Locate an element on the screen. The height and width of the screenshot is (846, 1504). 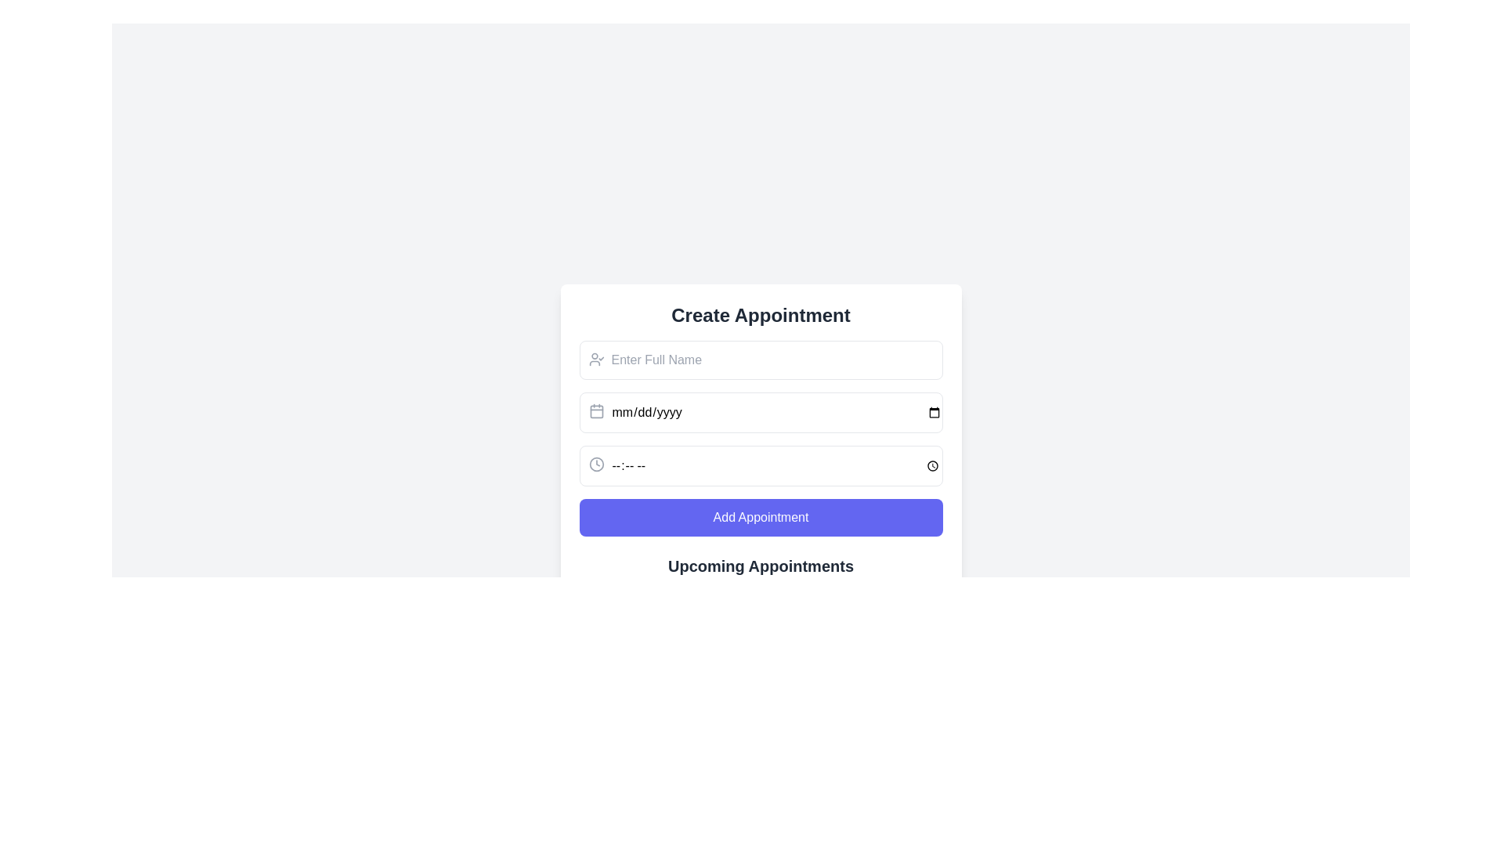
the submit button for the form that triggers the addition of a new appointment entry is located at coordinates (761, 517).